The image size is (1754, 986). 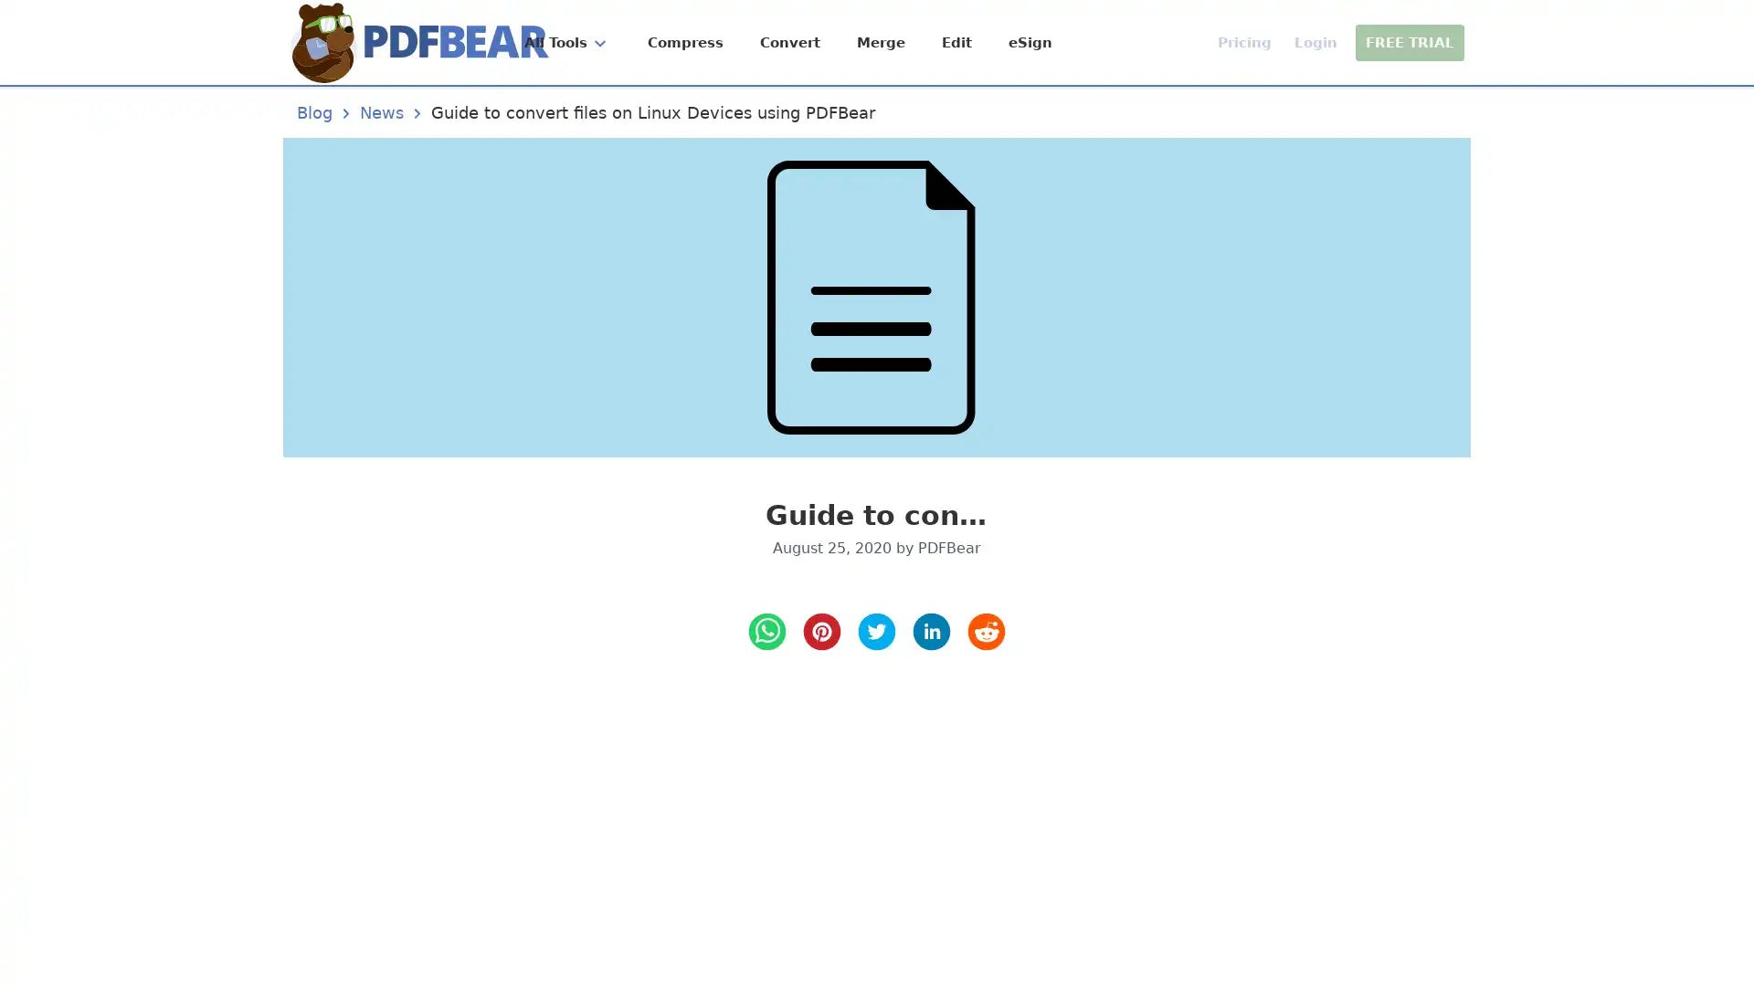 I want to click on Whatsapp, so click(x=767, y=630).